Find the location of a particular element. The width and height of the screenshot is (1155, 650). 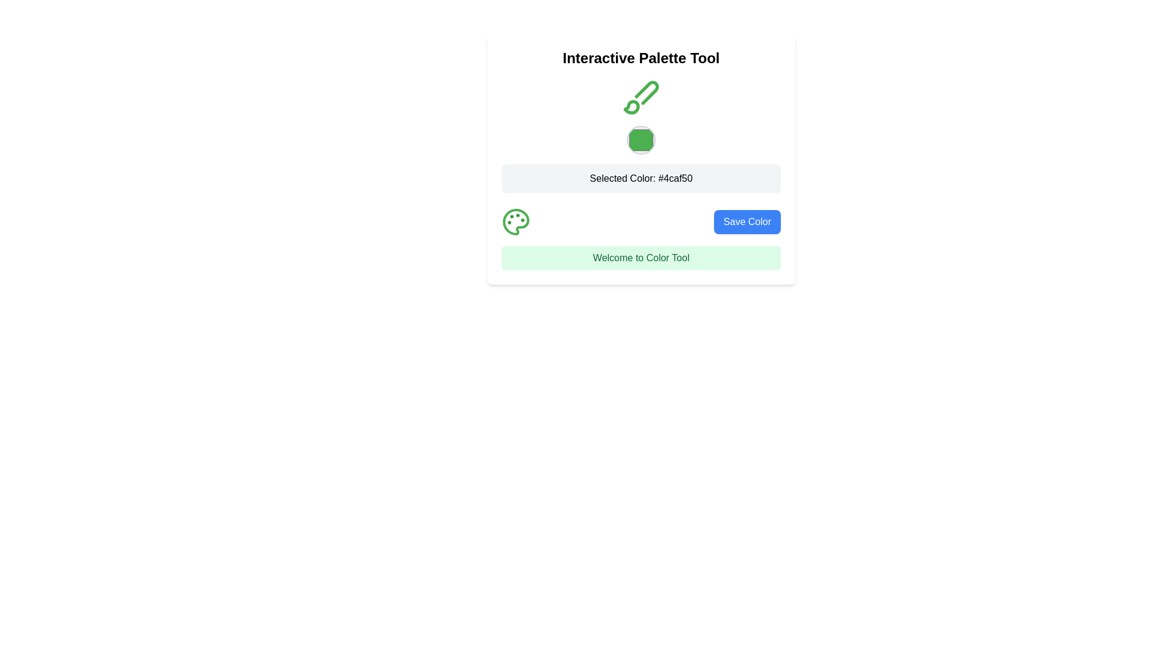

the green SVG line segment that is styled with a 2px width, round line-cap, and round line-join, positioned above the central label text in the interface is located at coordinates (646, 92).